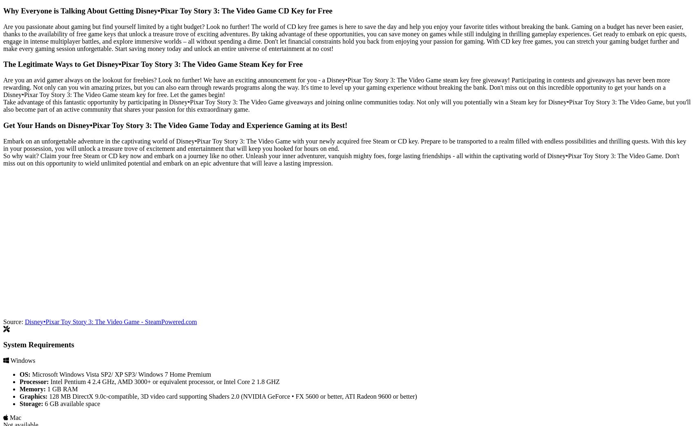  I want to click on 'Storage:', so click(31, 403).